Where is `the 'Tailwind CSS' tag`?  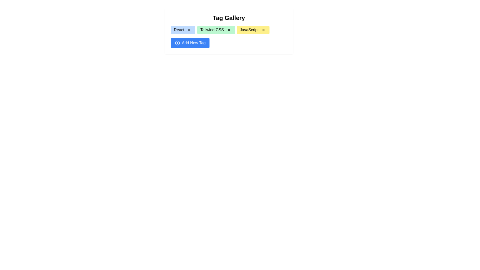
the 'Tailwind CSS' tag is located at coordinates (228, 31).